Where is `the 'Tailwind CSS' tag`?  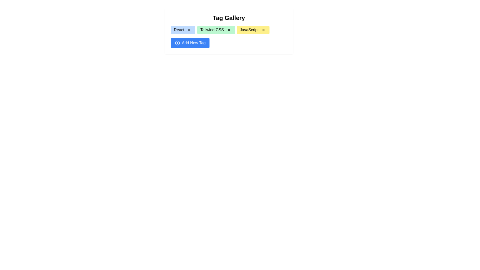
the 'Tailwind CSS' tag is located at coordinates (228, 31).